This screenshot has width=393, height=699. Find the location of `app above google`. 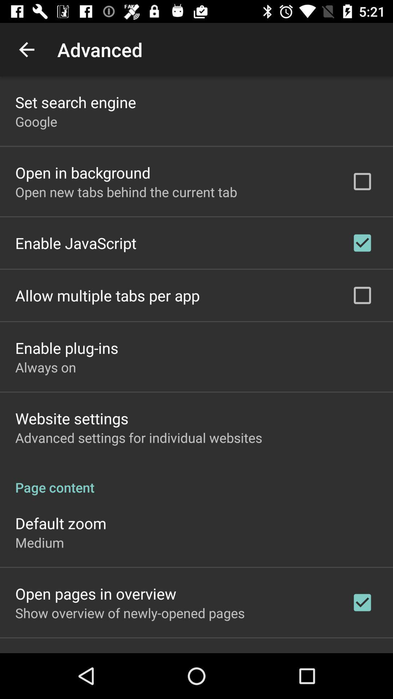

app above google is located at coordinates (76, 102).